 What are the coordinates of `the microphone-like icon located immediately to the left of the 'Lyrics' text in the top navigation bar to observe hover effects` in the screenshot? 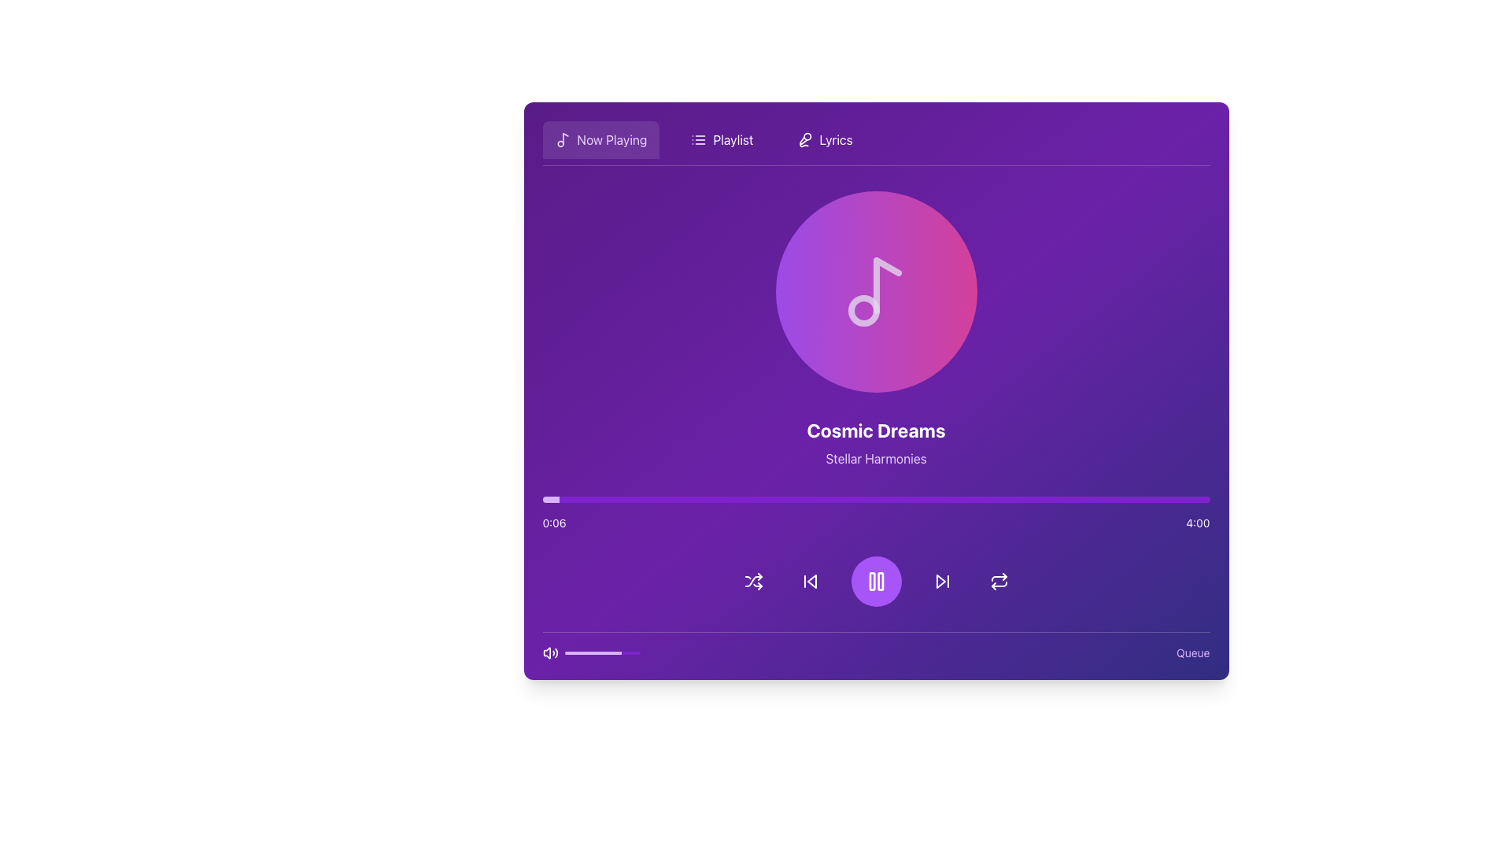 It's located at (805, 139).